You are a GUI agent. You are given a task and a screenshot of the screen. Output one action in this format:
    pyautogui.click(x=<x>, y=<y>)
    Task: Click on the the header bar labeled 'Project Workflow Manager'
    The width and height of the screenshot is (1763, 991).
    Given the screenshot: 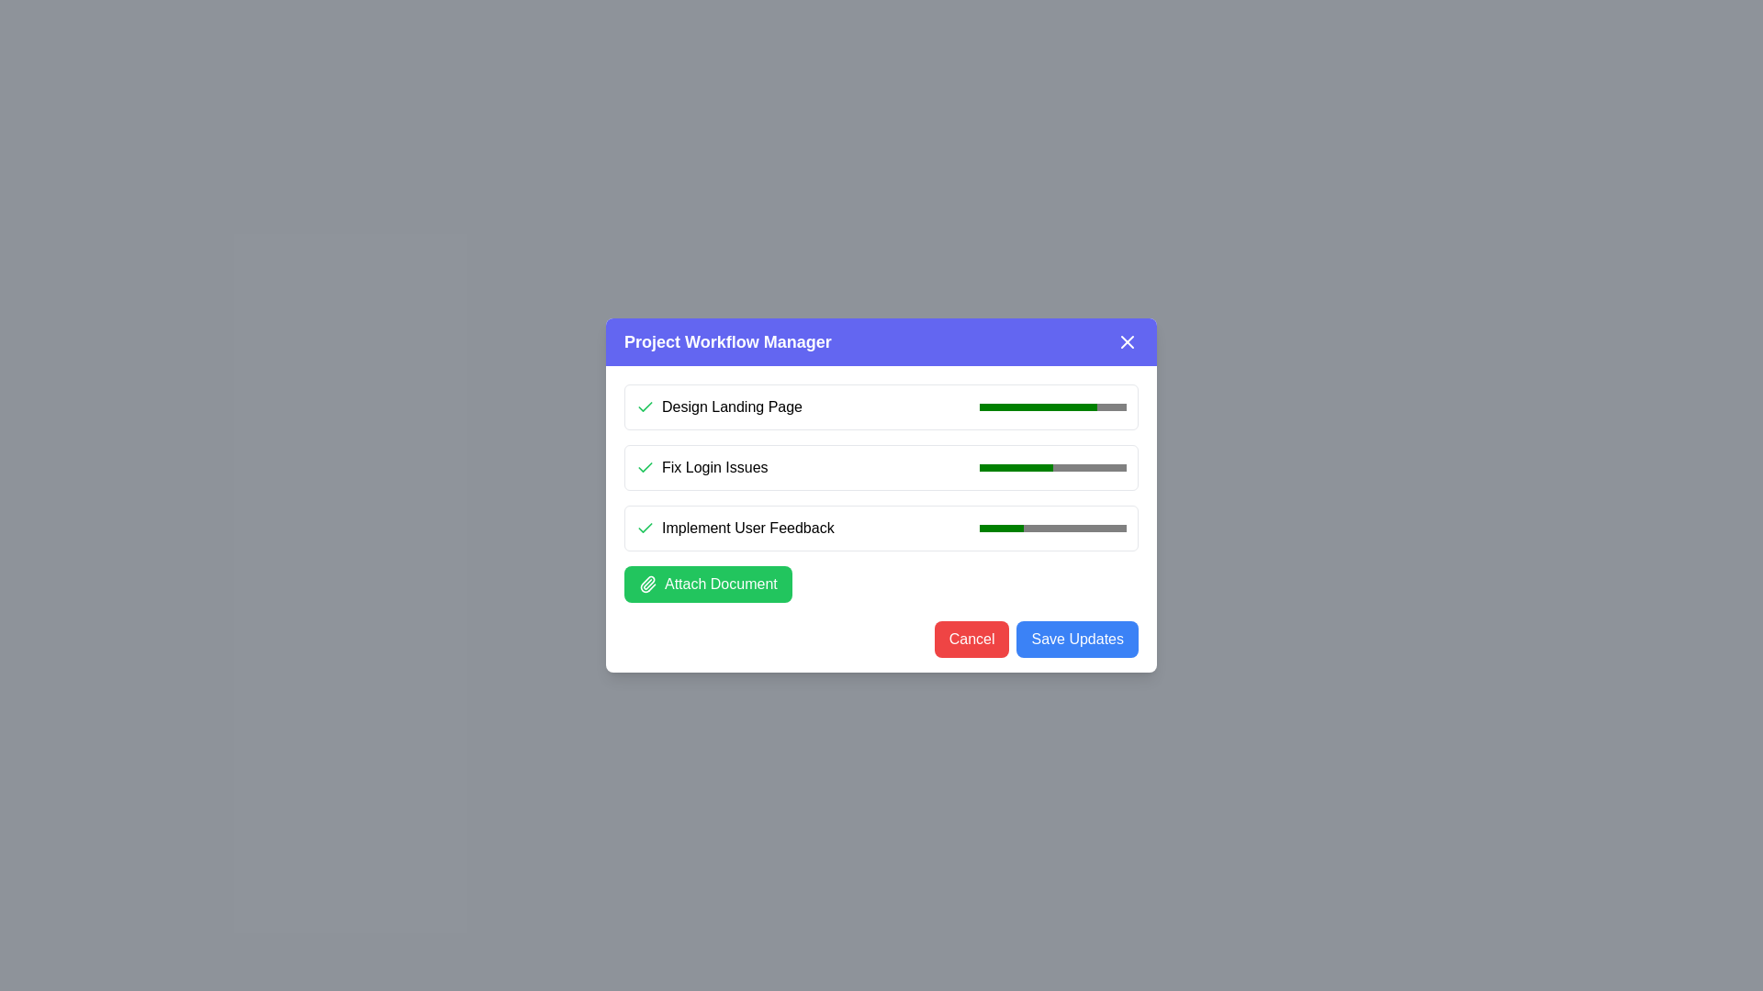 What is the action you would take?
    pyautogui.click(x=881, y=342)
    